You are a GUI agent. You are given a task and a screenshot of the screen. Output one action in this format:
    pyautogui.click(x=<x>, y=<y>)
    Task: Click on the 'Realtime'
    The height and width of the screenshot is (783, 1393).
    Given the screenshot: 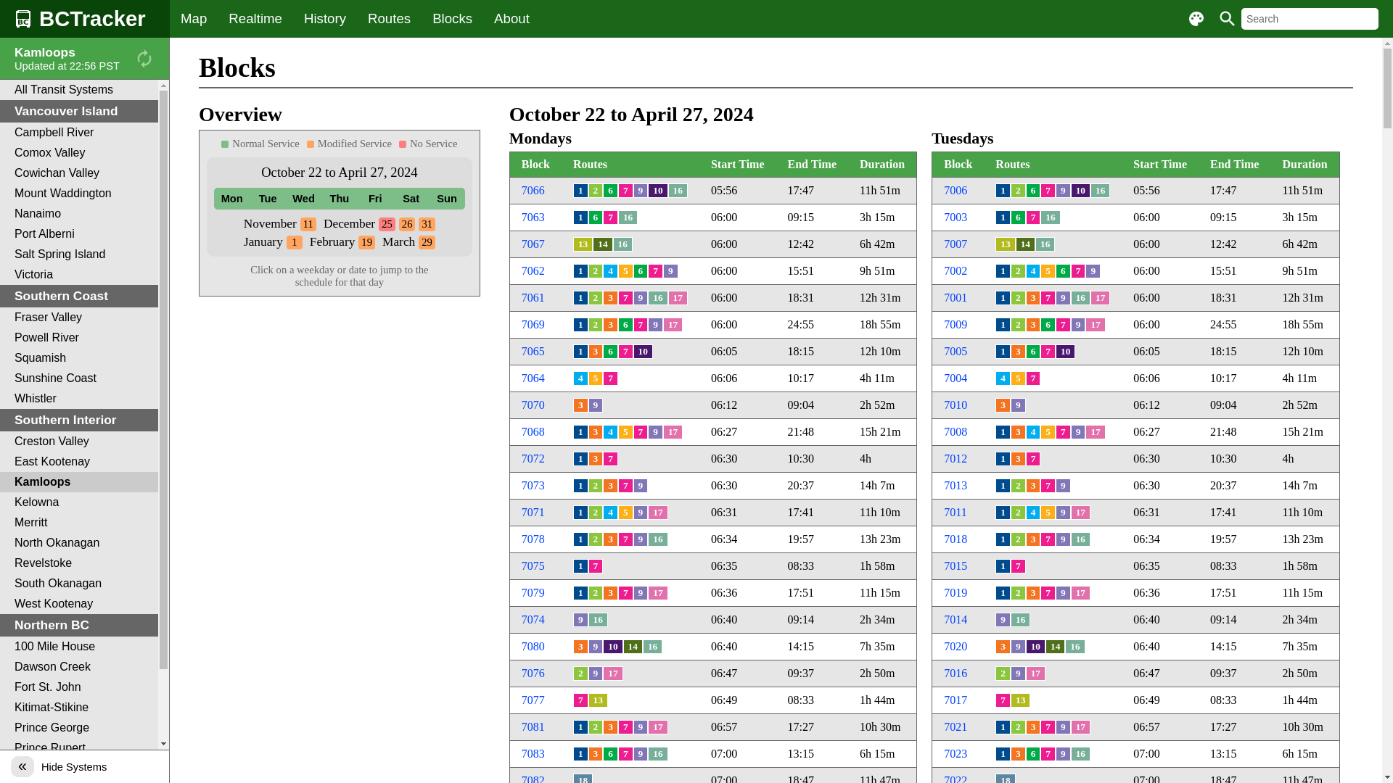 What is the action you would take?
    pyautogui.click(x=255, y=19)
    